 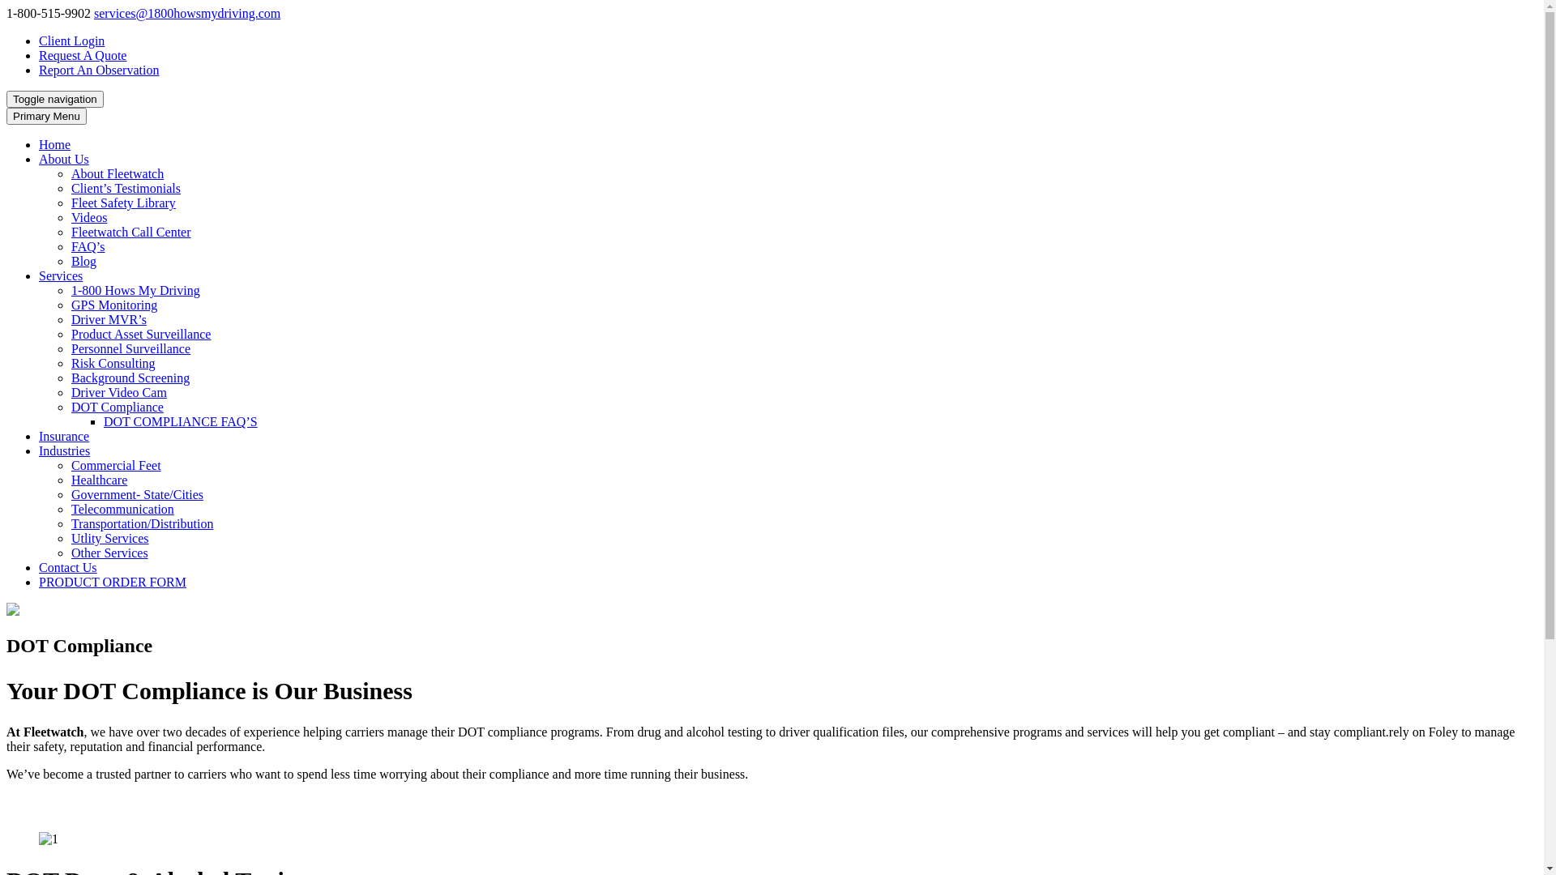 What do you see at coordinates (115, 465) in the screenshot?
I see `'Commercial Feet'` at bounding box center [115, 465].